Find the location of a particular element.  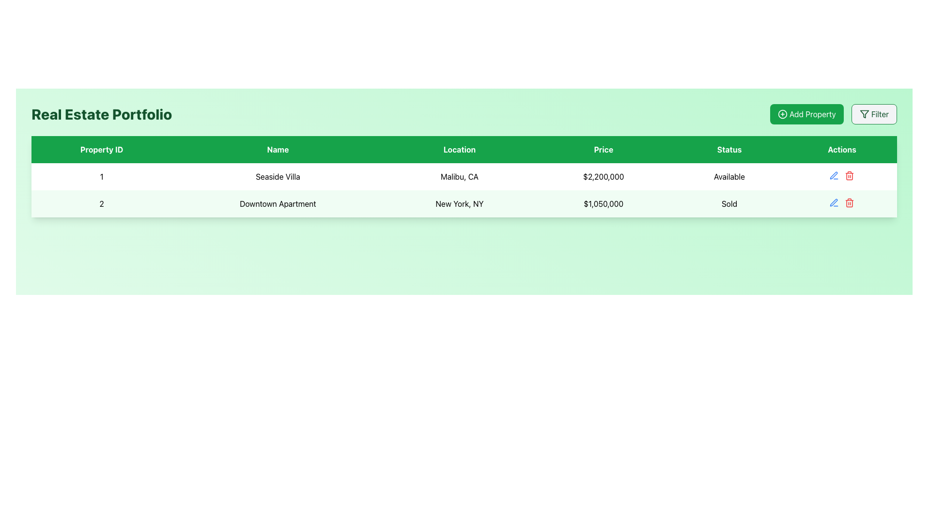

the Text Label indicating the availability status of 'Seaside Villa' in the fifth column of the table is located at coordinates (729, 177).